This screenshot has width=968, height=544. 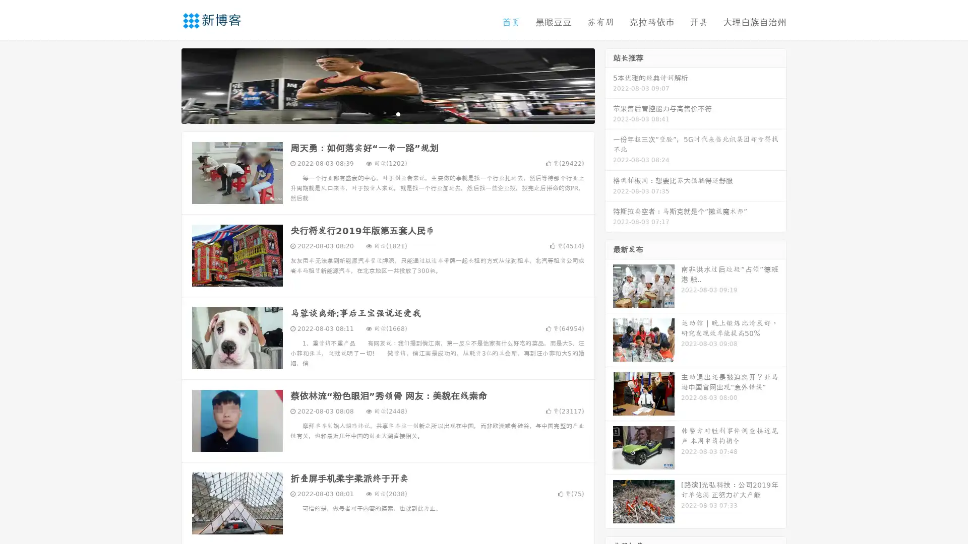 I want to click on Go to slide 1, so click(x=377, y=113).